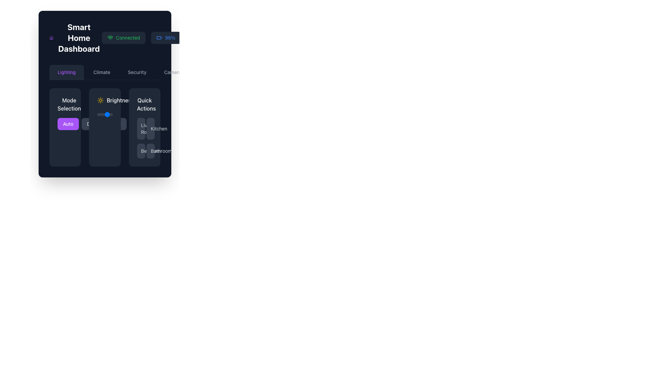 The image size is (650, 365). Describe the element at coordinates (123, 38) in the screenshot. I see `the 'Connected' status indicator button located on the top-right portion of the 'Smart Home Dashboard' interface` at that location.